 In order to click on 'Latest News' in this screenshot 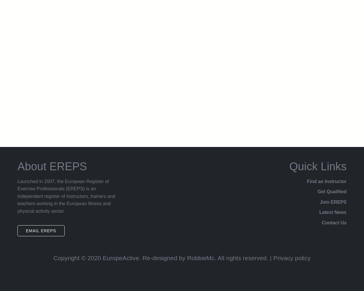, I will do `click(333, 212)`.